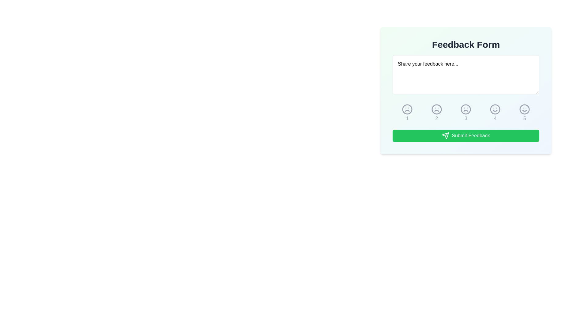 The height and width of the screenshot is (331, 588). Describe the element at coordinates (446, 135) in the screenshot. I see `the paper airplane icon embedded within the green 'Submit Feedback' button, which is positioned to the left of the button label` at that location.